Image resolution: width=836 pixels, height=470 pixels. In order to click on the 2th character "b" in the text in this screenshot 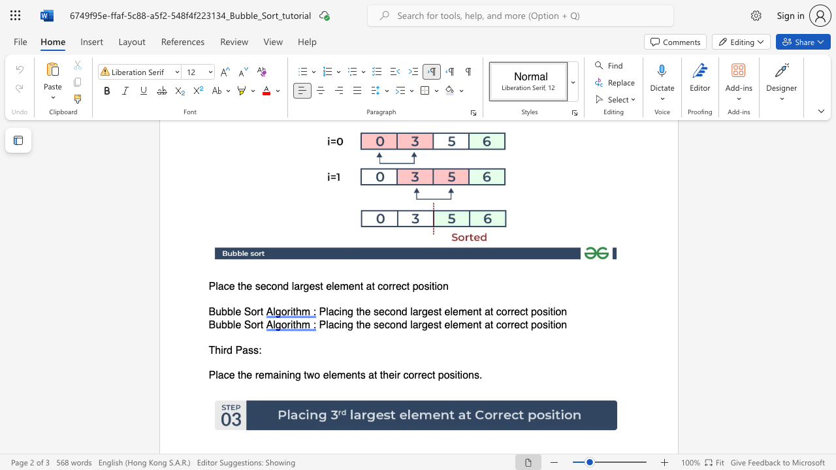, I will do `click(230, 312)`.